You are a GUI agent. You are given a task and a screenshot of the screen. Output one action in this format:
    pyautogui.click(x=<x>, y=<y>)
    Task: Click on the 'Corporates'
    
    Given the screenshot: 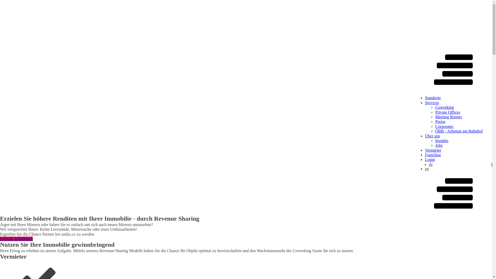 What is the action you would take?
    pyautogui.click(x=444, y=126)
    